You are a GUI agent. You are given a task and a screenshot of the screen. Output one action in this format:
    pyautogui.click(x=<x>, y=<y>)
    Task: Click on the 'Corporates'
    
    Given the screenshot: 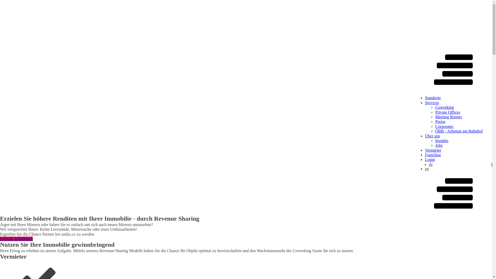 What is the action you would take?
    pyautogui.click(x=444, y=126)
    